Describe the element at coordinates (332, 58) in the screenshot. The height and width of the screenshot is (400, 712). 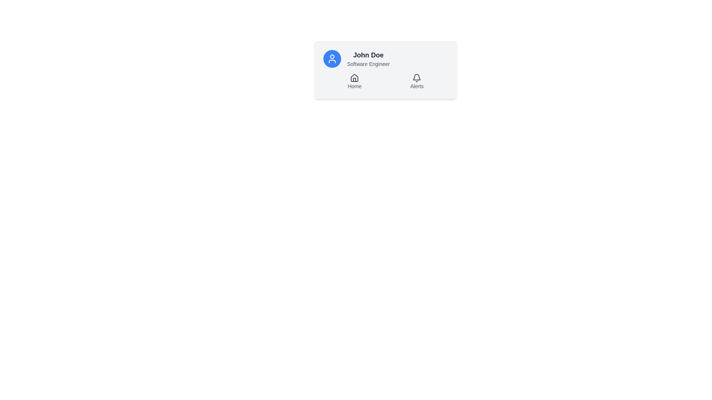
I see `the User profile icon, which is a circular blue background representing the user profile image adjacent to the text 'John Doe' and 'Software Engineer'` at that location.